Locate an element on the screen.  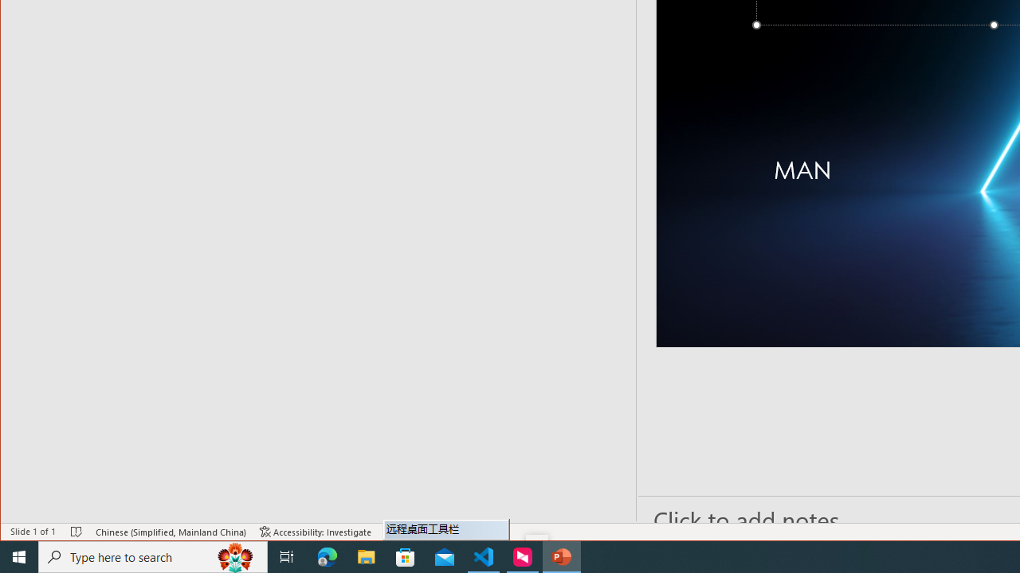
'Microsoft Edge' is located at coordinates (327, 555).